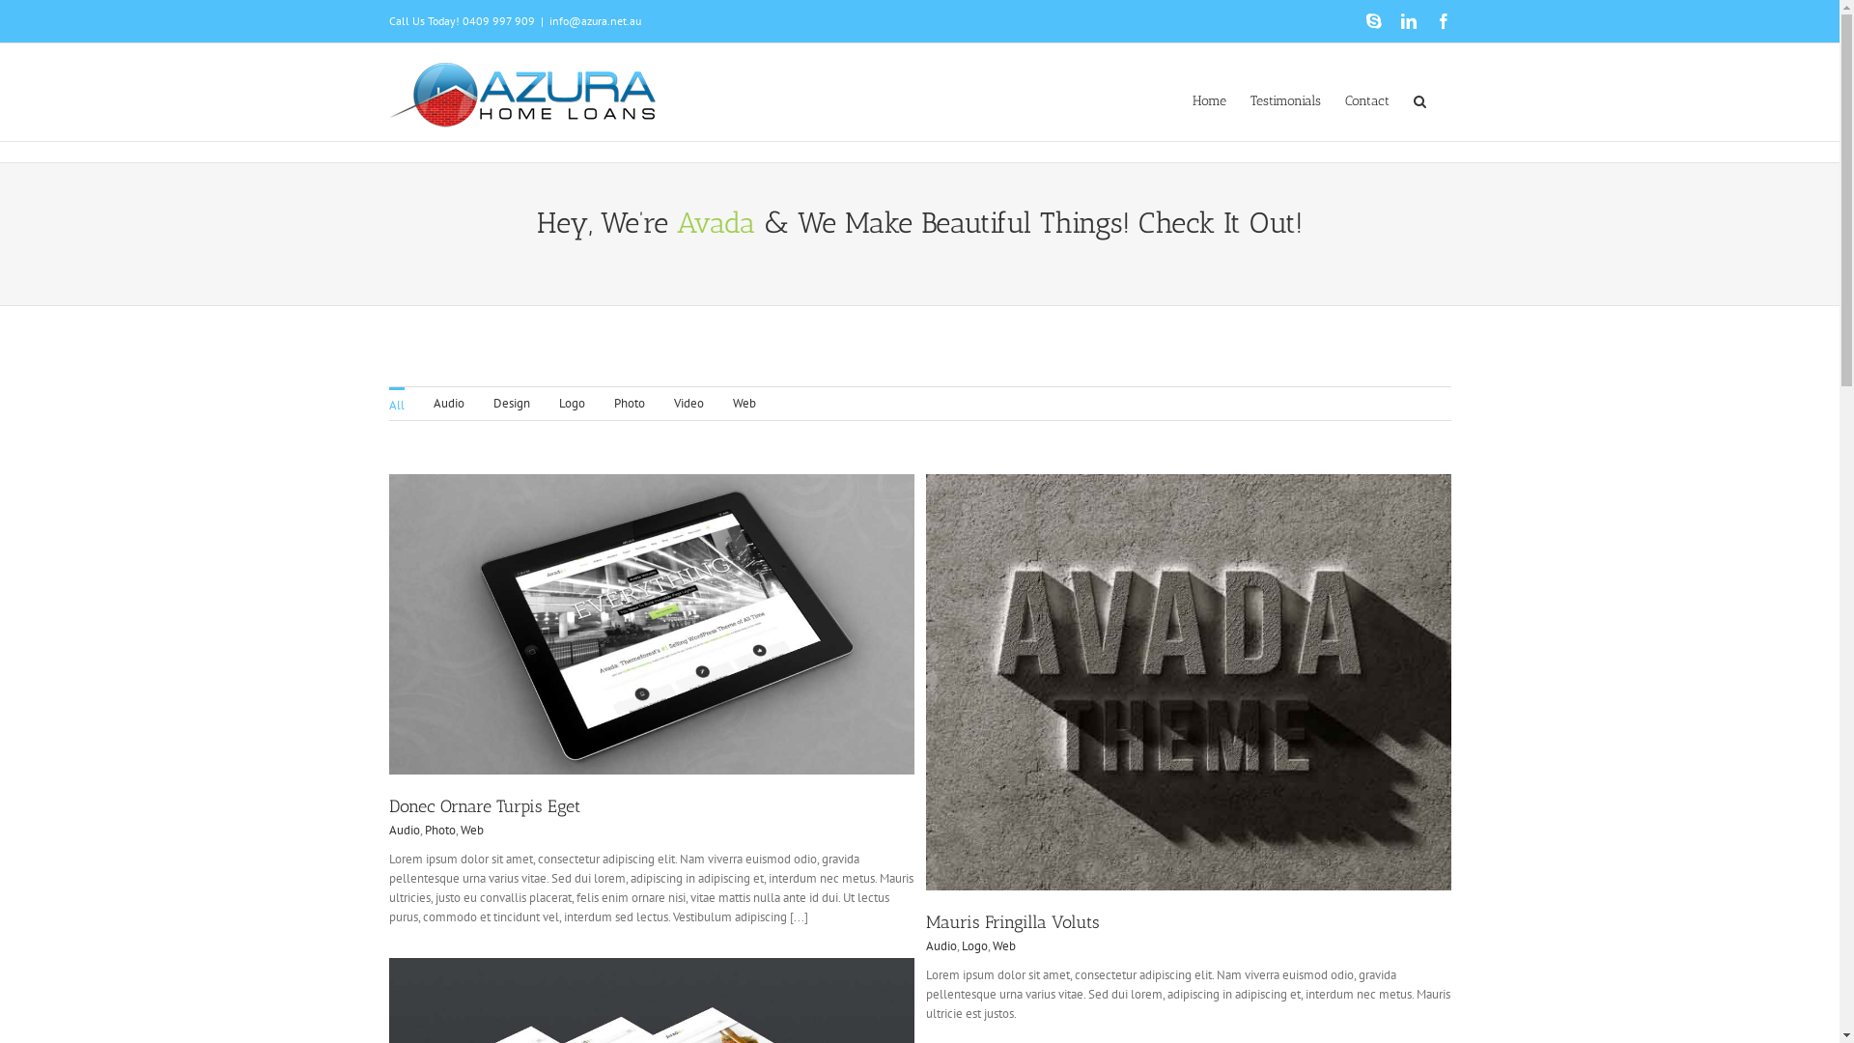 Image resolution: width=1854 pixels, height=1043 pixels. Describe the element at coordinates (1284, 99) in the screenshot. I see `'Testimonials'` at that location.